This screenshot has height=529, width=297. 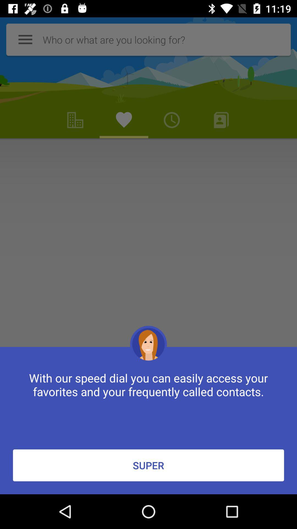 I want to click on second option left to timer icon, so click(x=75, y=120).